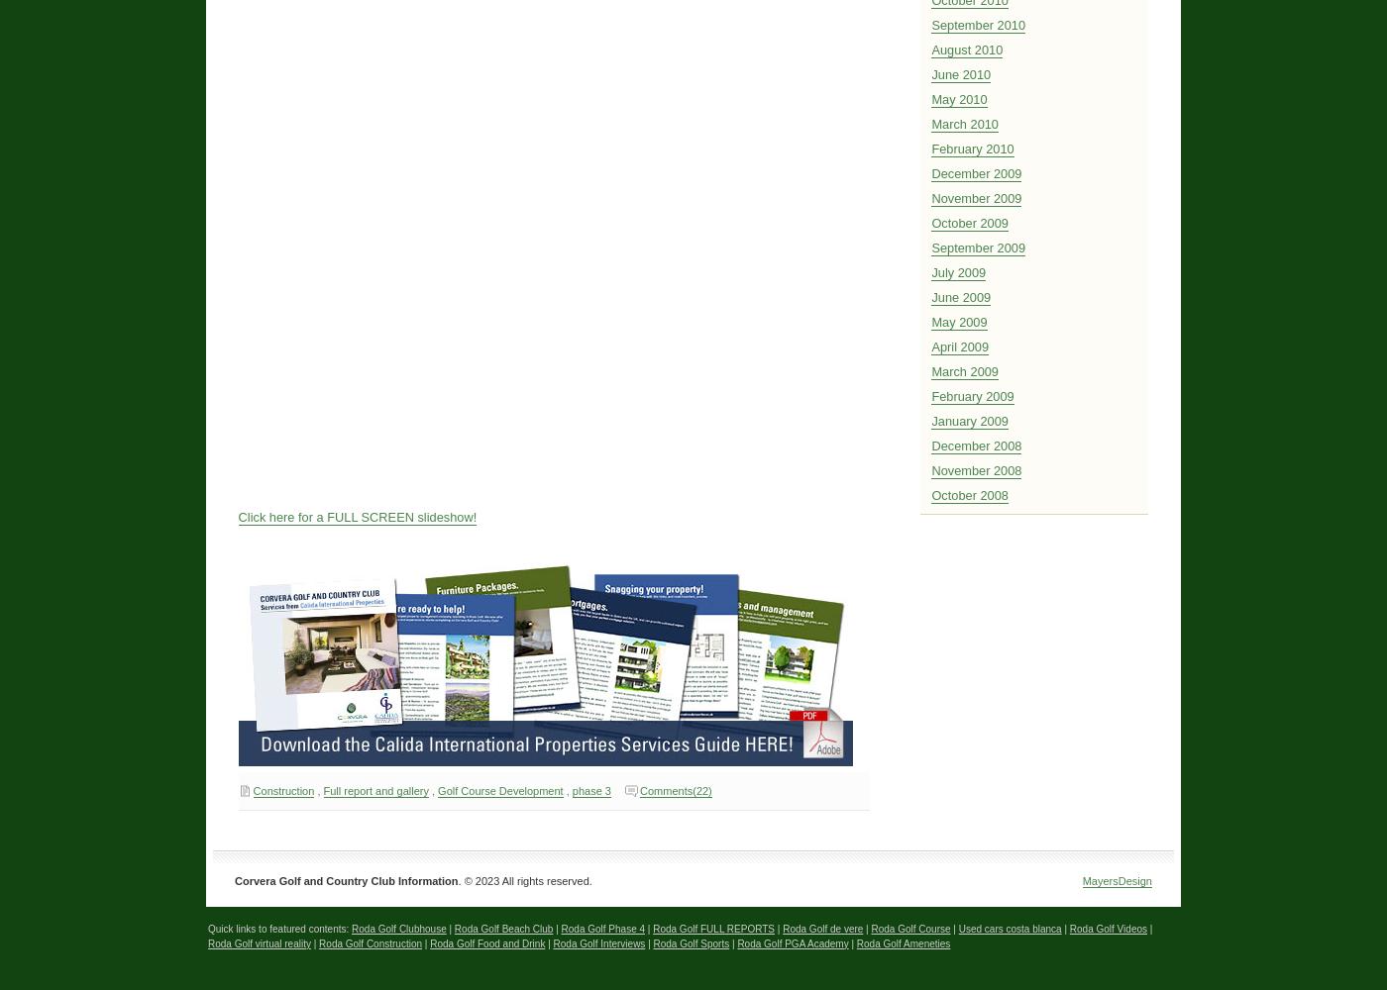 Image resolution: width=1387 pixels, height=990 pixels. I want to click on 'Roda Golf Food and Drink', so click(486, 941).